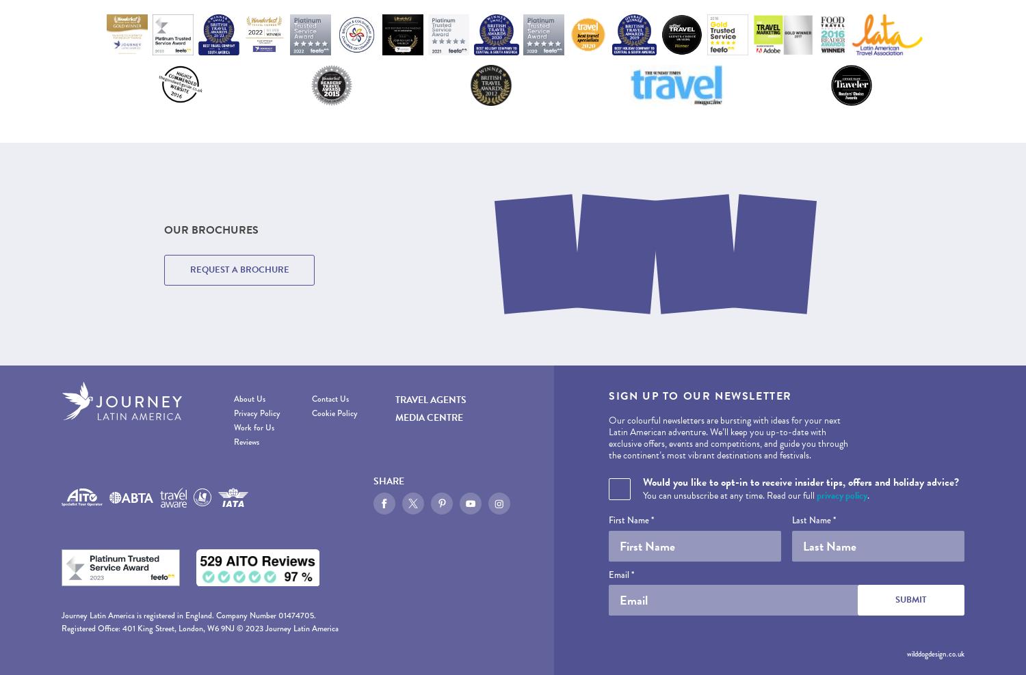 The height and width of the screenshot is (675, 1026). What do you see at coordinates (841, 495) in the screenshot?
I see `'privacy policy'` at bounding box center [841, 495].